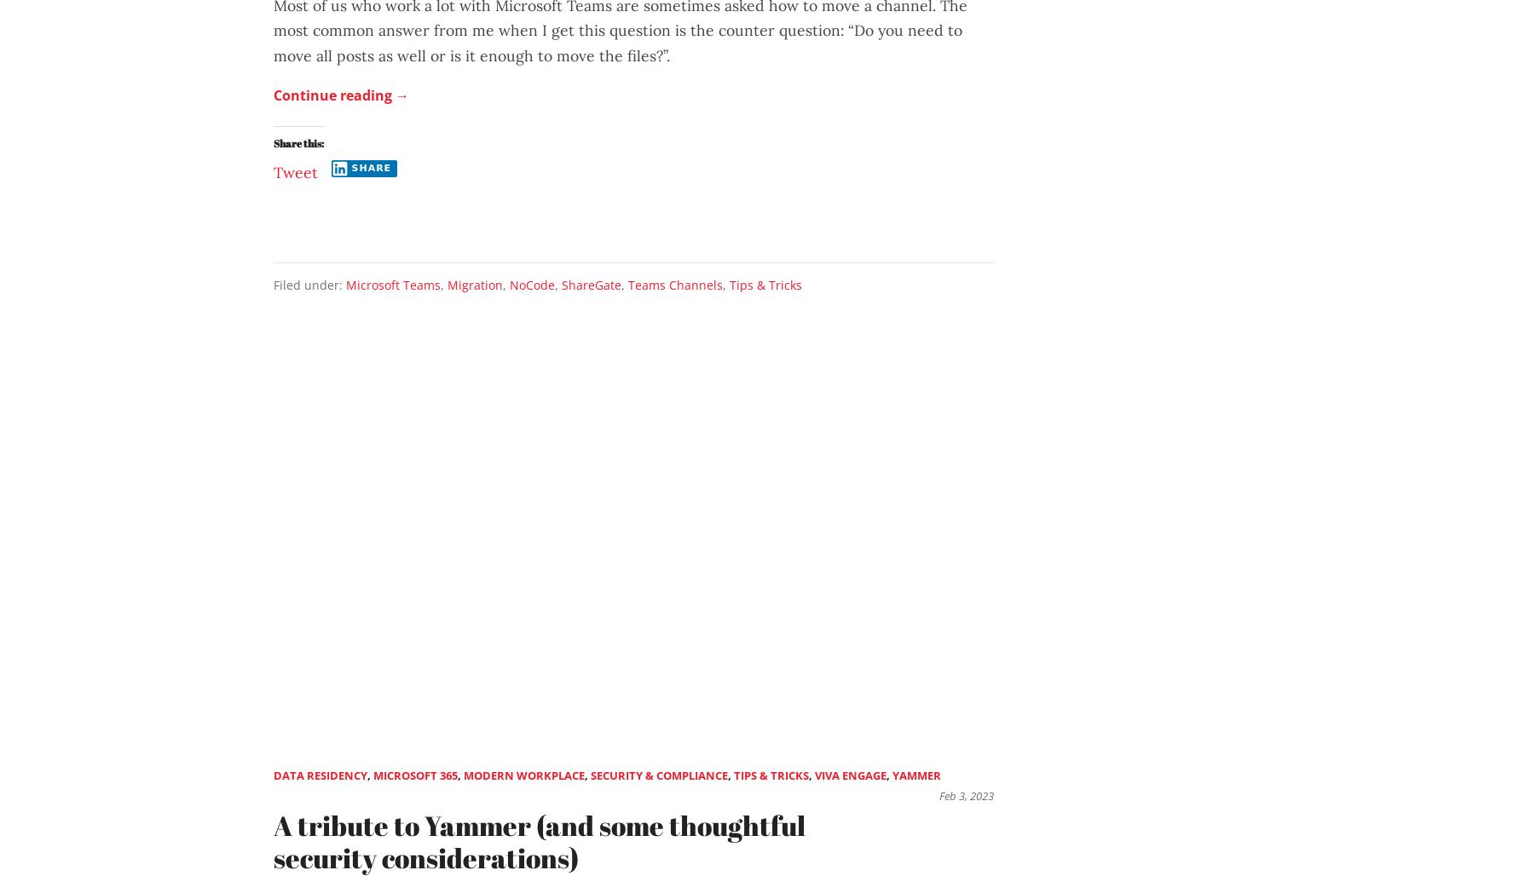  I want to click on 'Data Residency', so click(321, 774).